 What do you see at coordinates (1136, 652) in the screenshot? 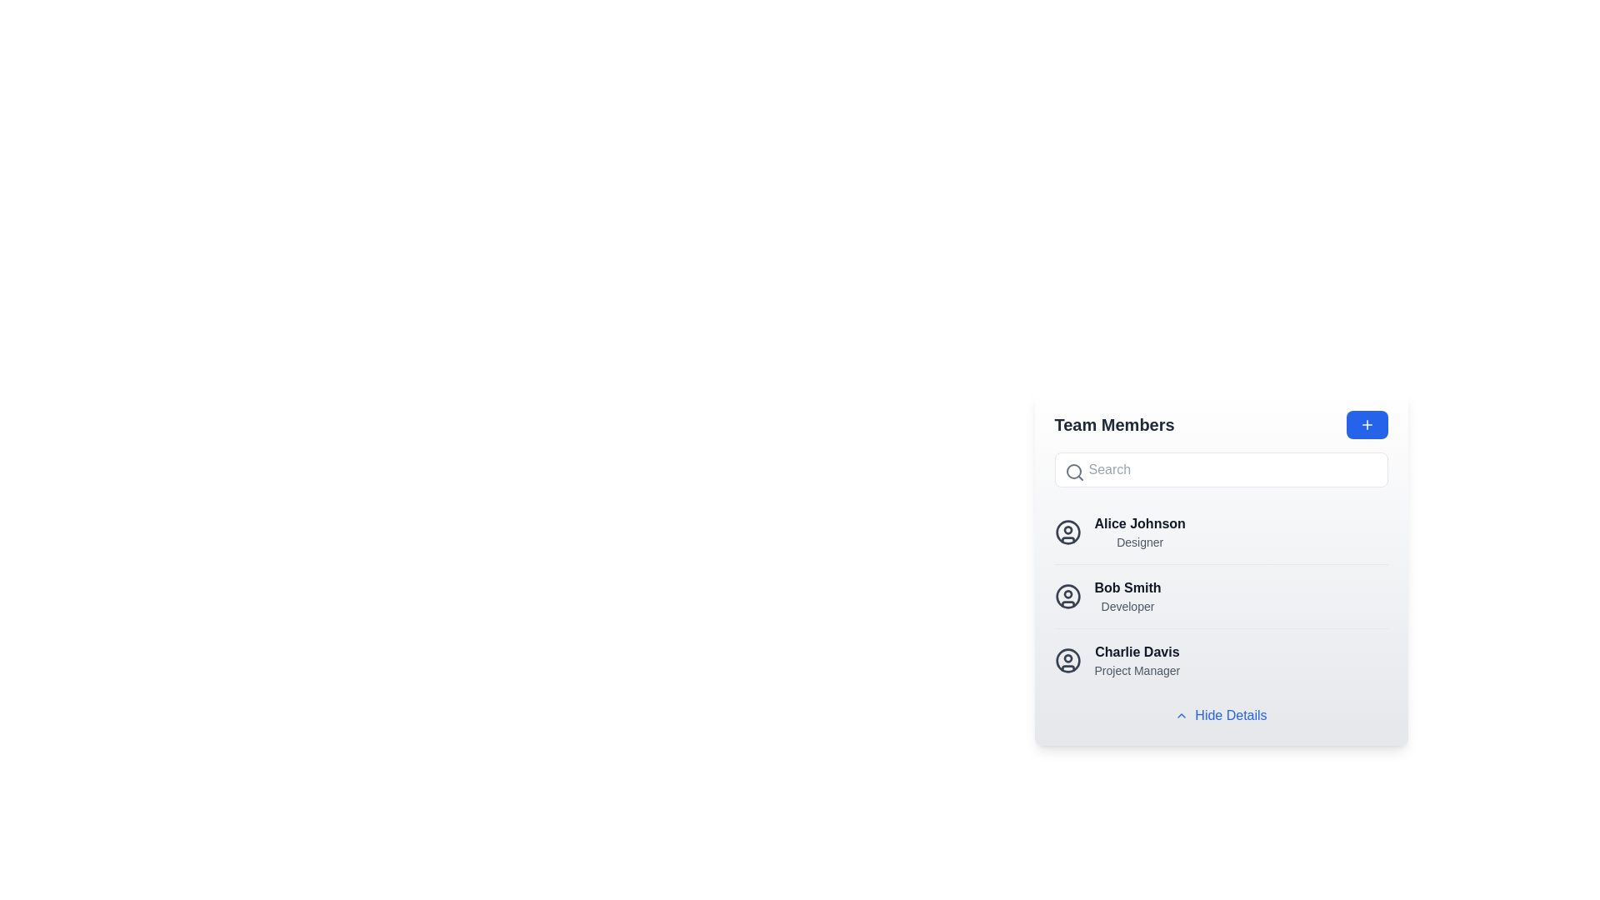
I see `text label displaying 'Charlie Davis', which is located at the center of the Team Members interface above the 'Project Manager' designation` at bounding box center [1136, 652].